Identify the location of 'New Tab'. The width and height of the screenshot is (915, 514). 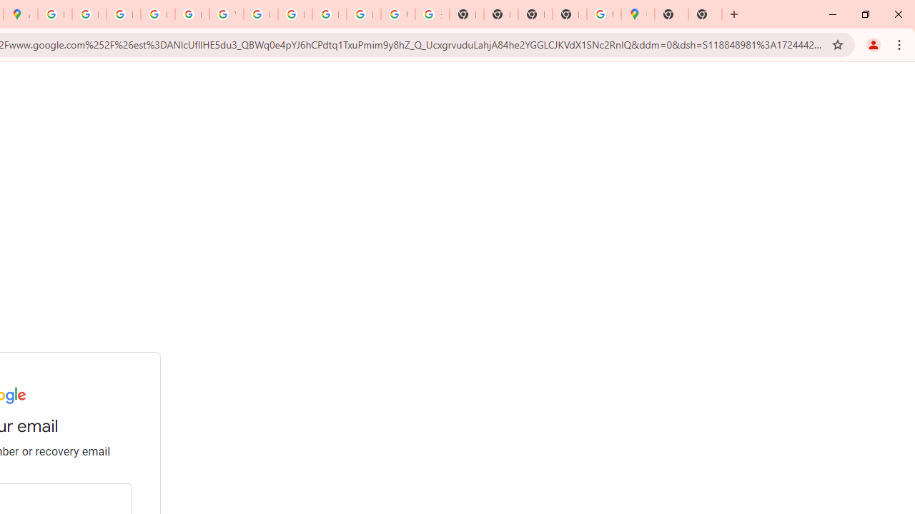
(705, 14).